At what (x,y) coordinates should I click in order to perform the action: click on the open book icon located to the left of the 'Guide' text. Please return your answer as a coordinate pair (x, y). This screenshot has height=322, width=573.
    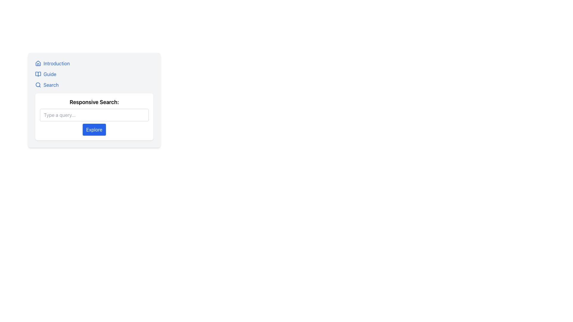
    Looking at the image, I should click on (38, 74).